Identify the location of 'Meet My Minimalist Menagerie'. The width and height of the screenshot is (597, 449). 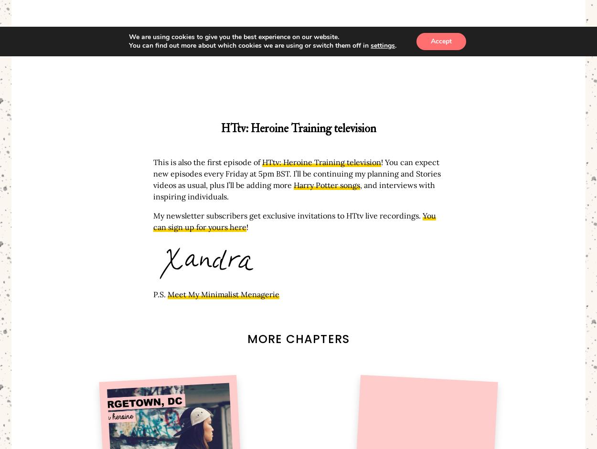
(223, 294).